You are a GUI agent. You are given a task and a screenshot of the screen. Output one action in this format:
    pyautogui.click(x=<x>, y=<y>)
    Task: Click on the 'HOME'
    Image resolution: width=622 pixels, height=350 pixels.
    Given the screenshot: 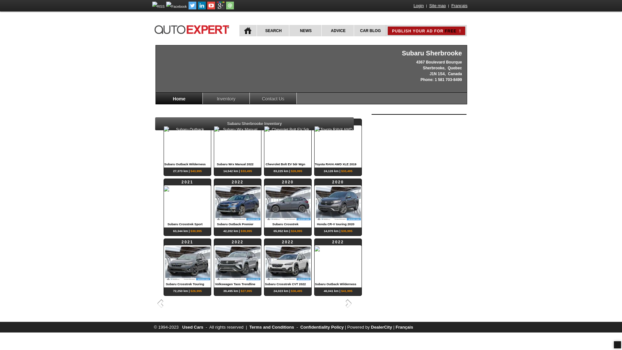 What is the action you would take?
    pyautogui.click(x=239, y=30)
    